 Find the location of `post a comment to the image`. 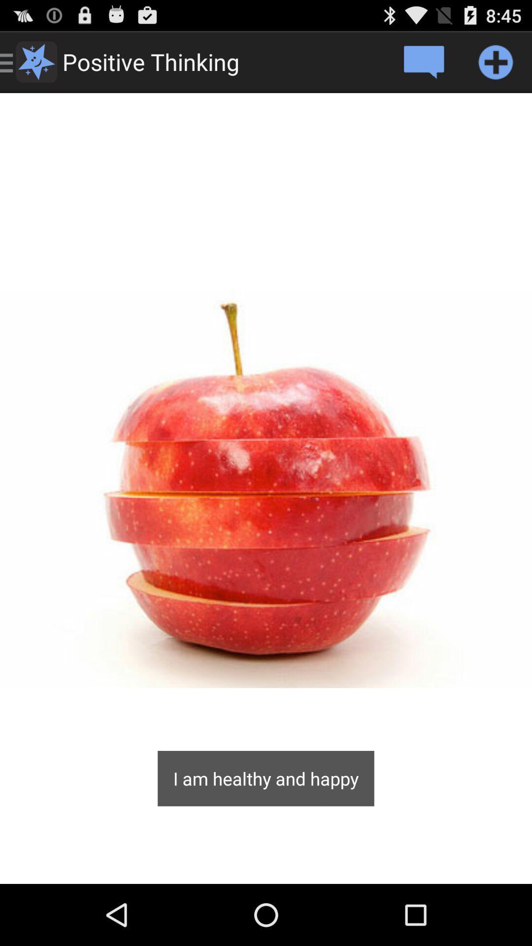

post a comment to the image is located at coordinates (423, 61).